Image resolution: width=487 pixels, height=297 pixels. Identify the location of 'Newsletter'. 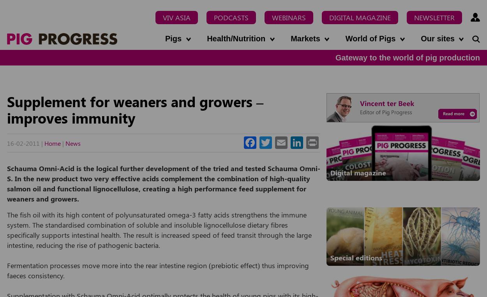
(434, 17).